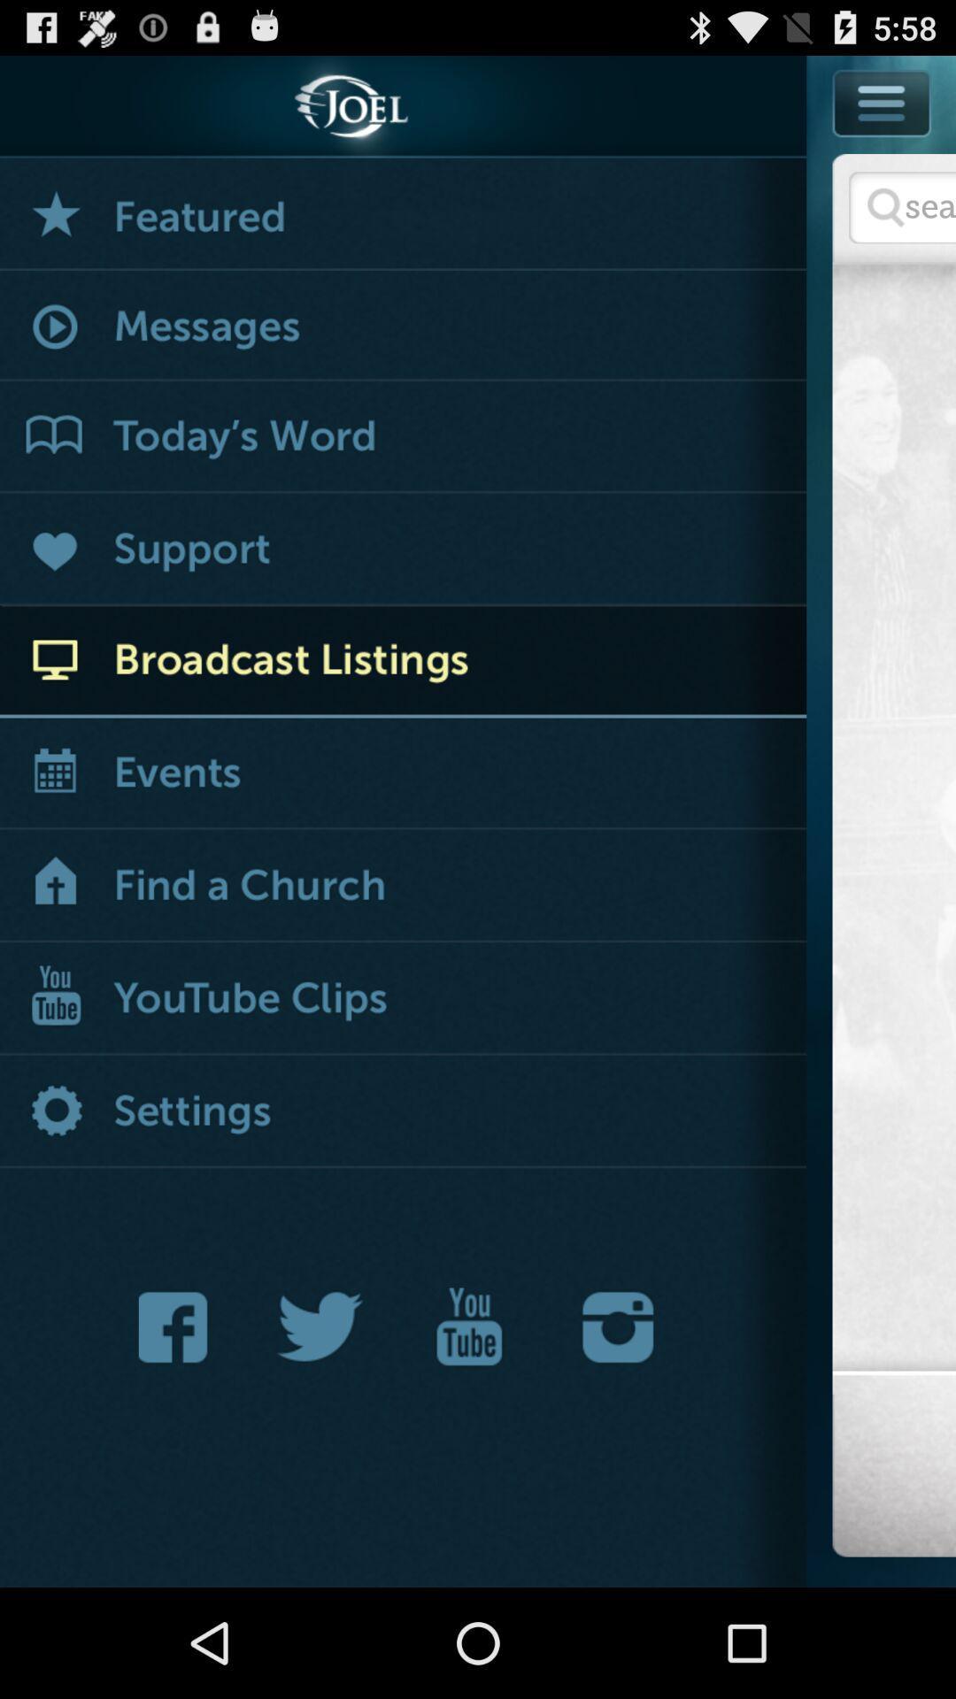  I want to click on shows today 's word of the day, so click(403, 437).